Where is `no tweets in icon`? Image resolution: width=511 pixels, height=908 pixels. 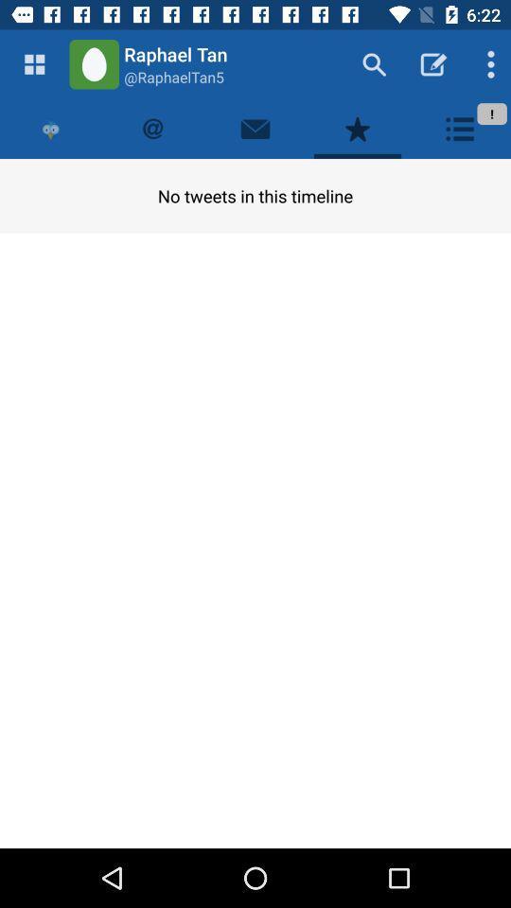
no tweets in icon is located at coordinates (255, 196).